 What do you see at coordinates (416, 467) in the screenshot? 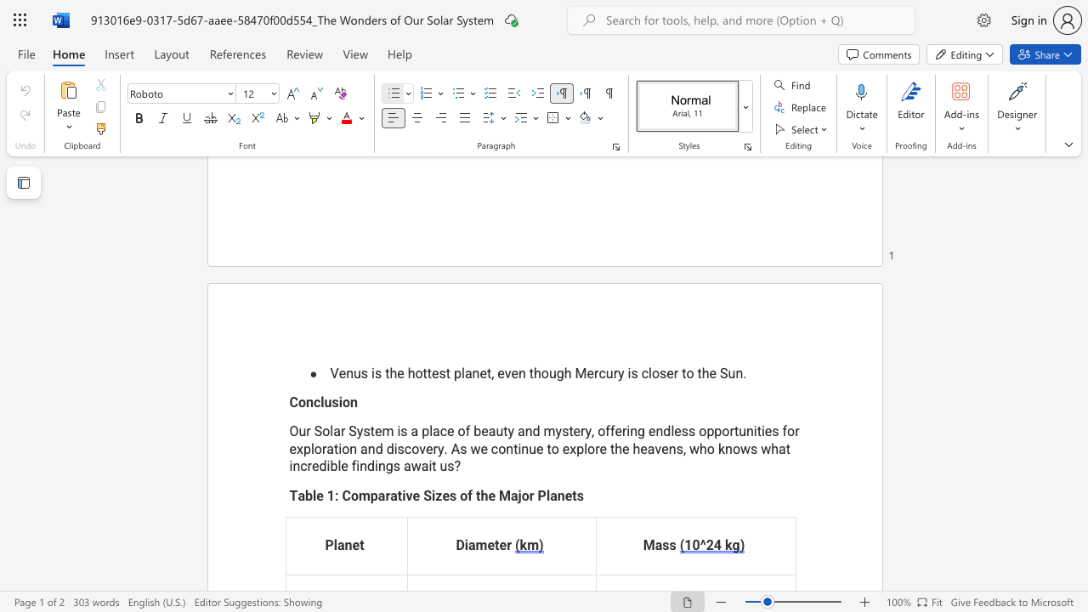
I see `the 5th character "w" in the text` at bounding box center [416, 467].